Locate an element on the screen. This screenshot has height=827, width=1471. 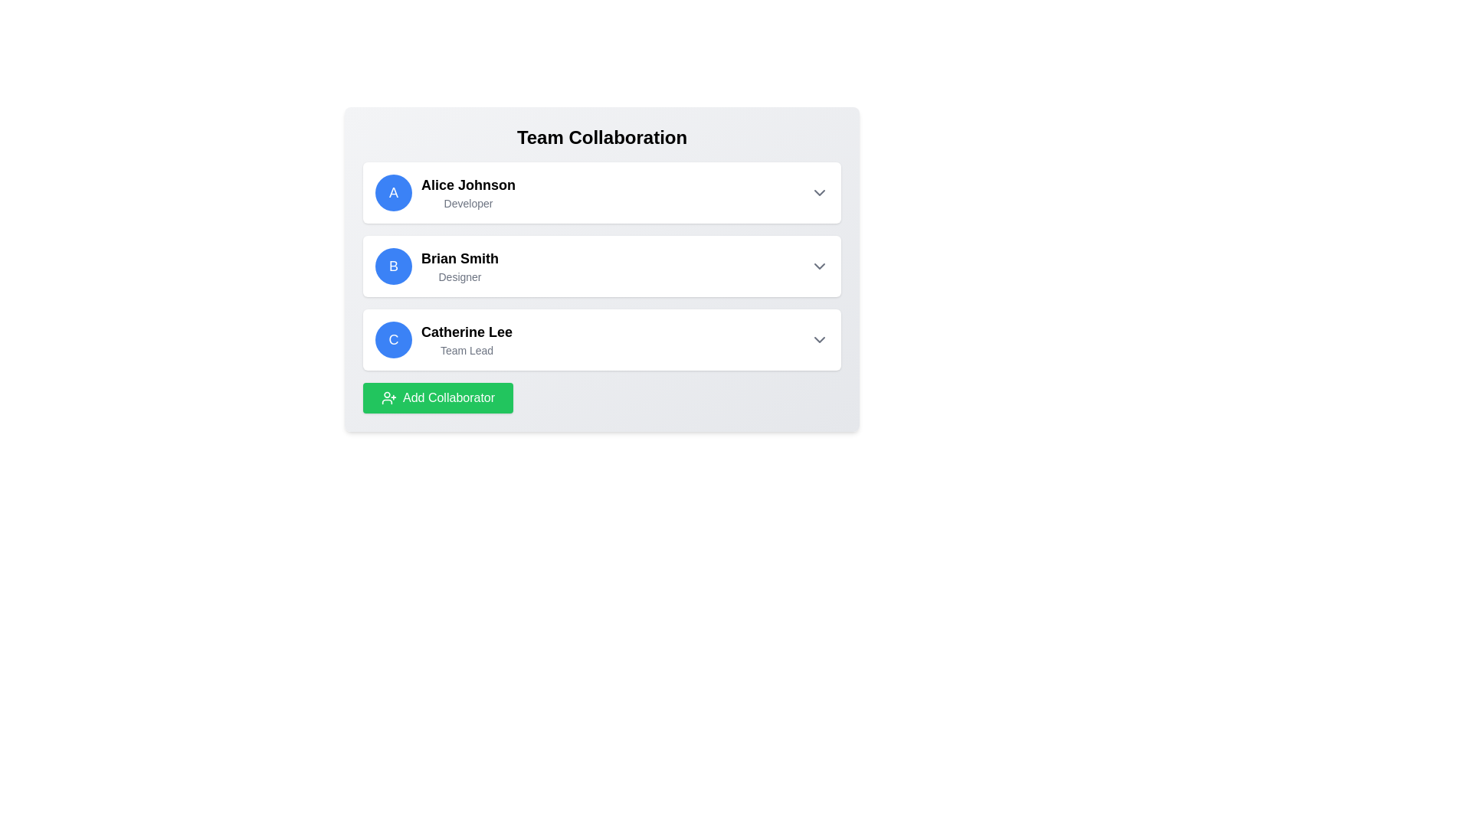
the team member profile card for 'Bob Smith', which is the second item is located at coordinates (601, 265).